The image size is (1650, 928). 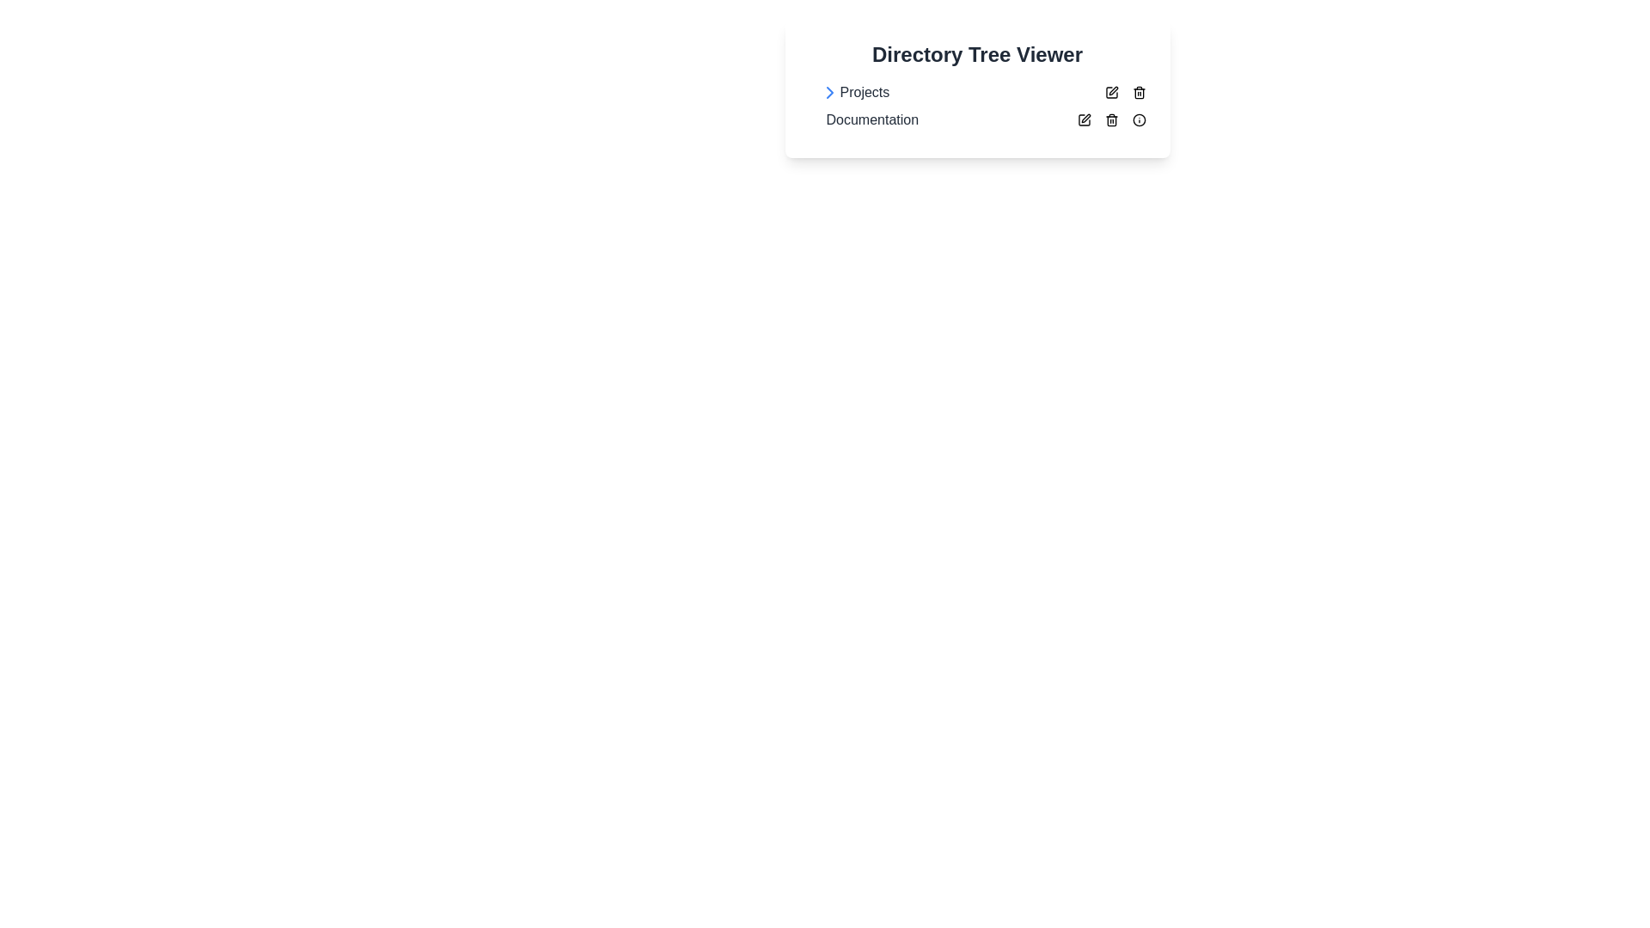 I want to click on the edit button icon, which resembles a pen, located in the upper-right corner of the 'Directory Tree Viewer' card, so click(x=1111, y=93).